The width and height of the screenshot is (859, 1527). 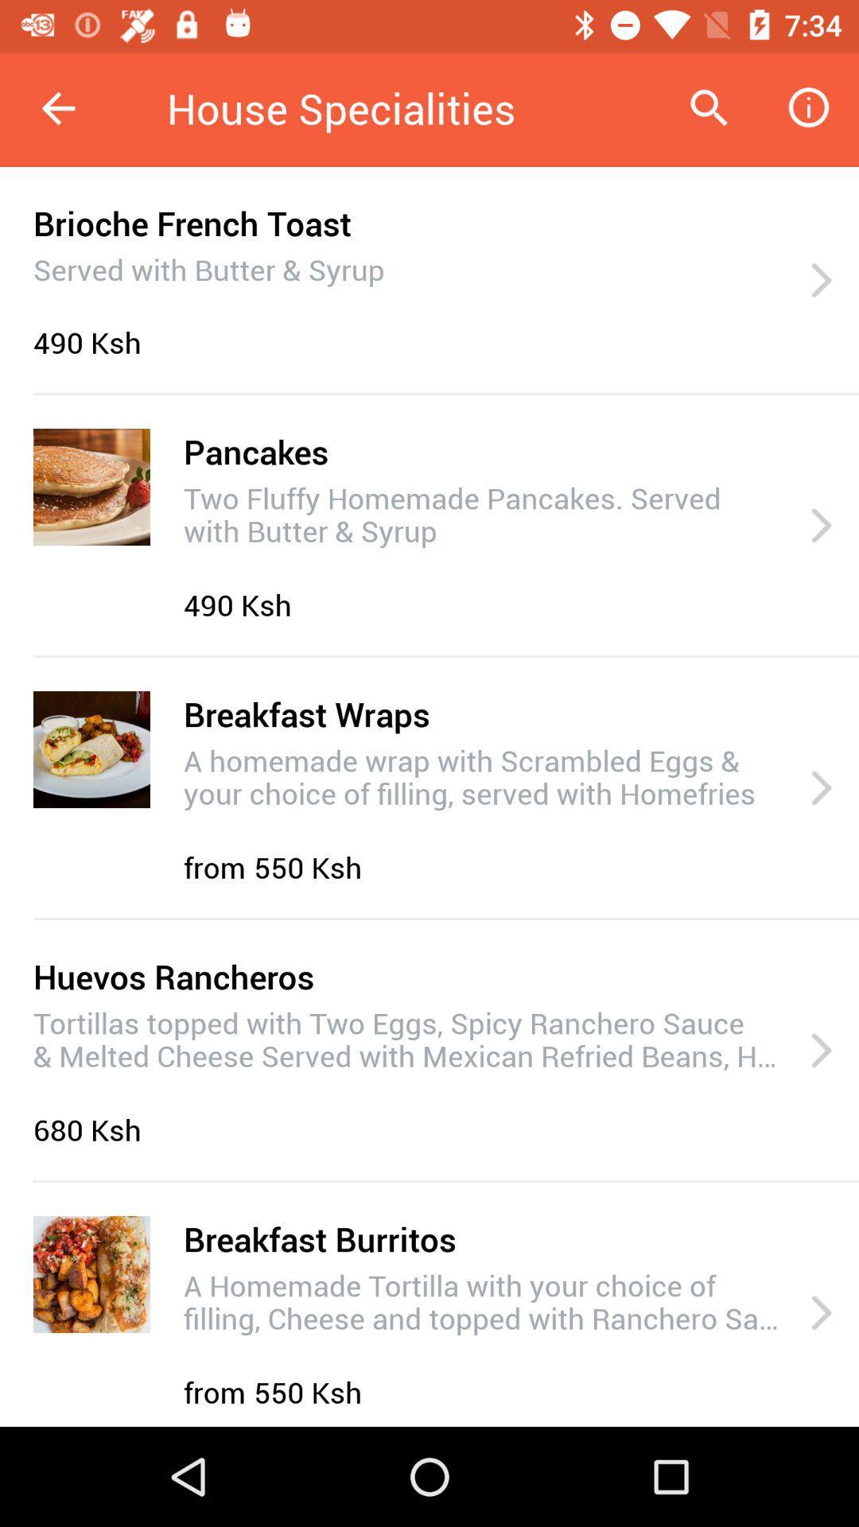 I want to click on the icon above the a homemade wrap, so click(x=306, y=713).